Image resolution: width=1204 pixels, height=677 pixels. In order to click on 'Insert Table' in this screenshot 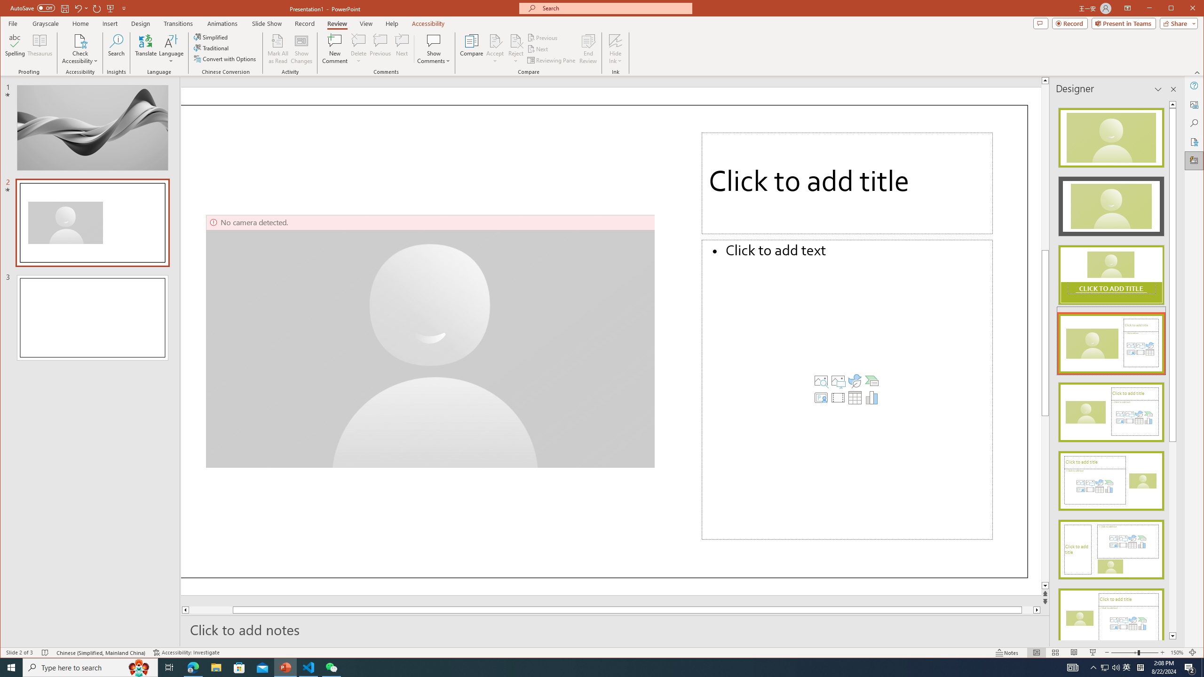, I will do `click(855, 398)`.